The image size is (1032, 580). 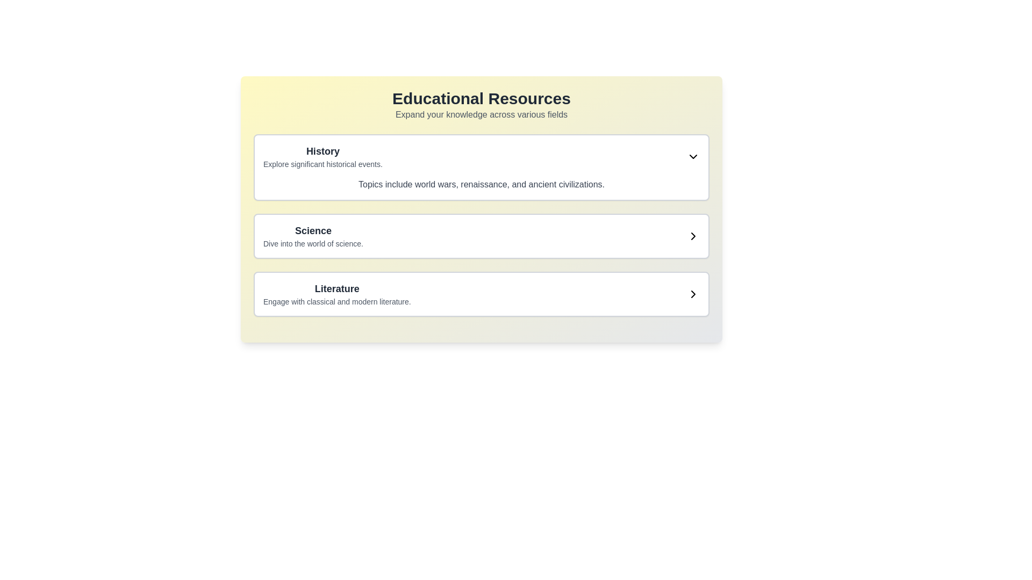 I want to click on the static text displaying 'Explore significant historical events.' located below the 'History' title in the educational resources interface, so click(x=322, y=164).